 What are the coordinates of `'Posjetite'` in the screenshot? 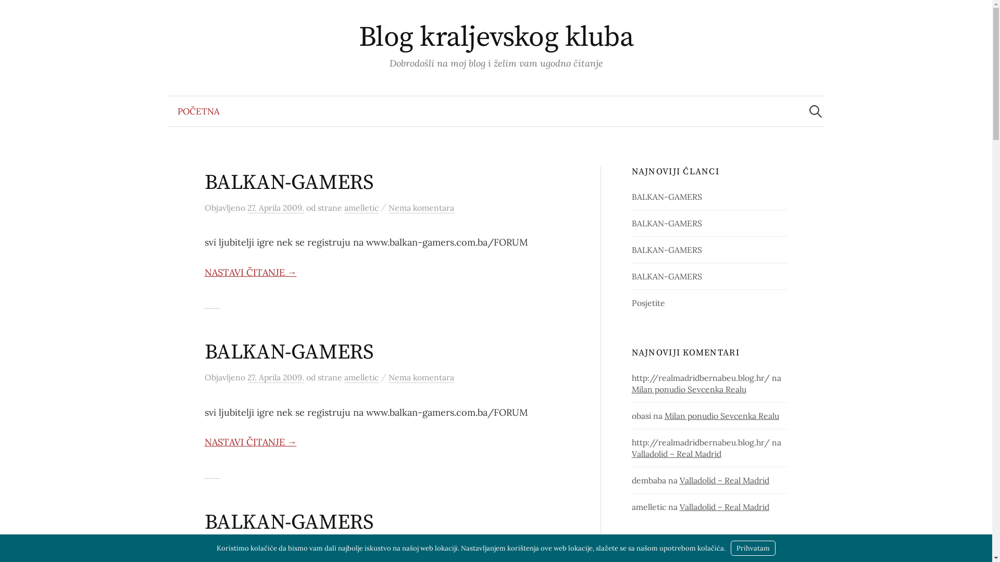 It's located at (631, 303).